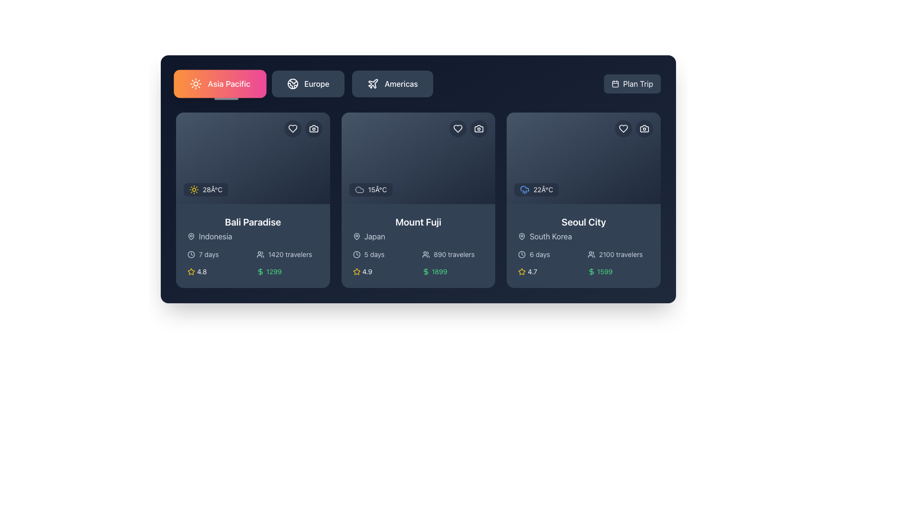 The height and width of the screenshot is (515, 916). Describe the element at coordinates (292, 83) in the screenshot. I see `the 'Europe' tab icon, which is visually represented by a globe icon located second among the tabs in the top section of the interface, to help users identify the region selection` at that location.